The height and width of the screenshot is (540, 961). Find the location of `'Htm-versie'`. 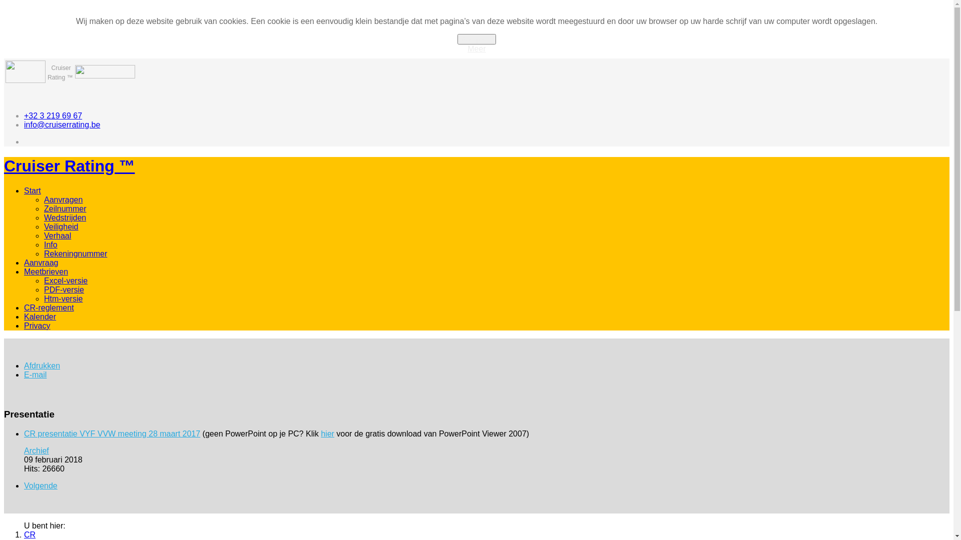

'Htm-versie' is located at coordinates (43, 298).